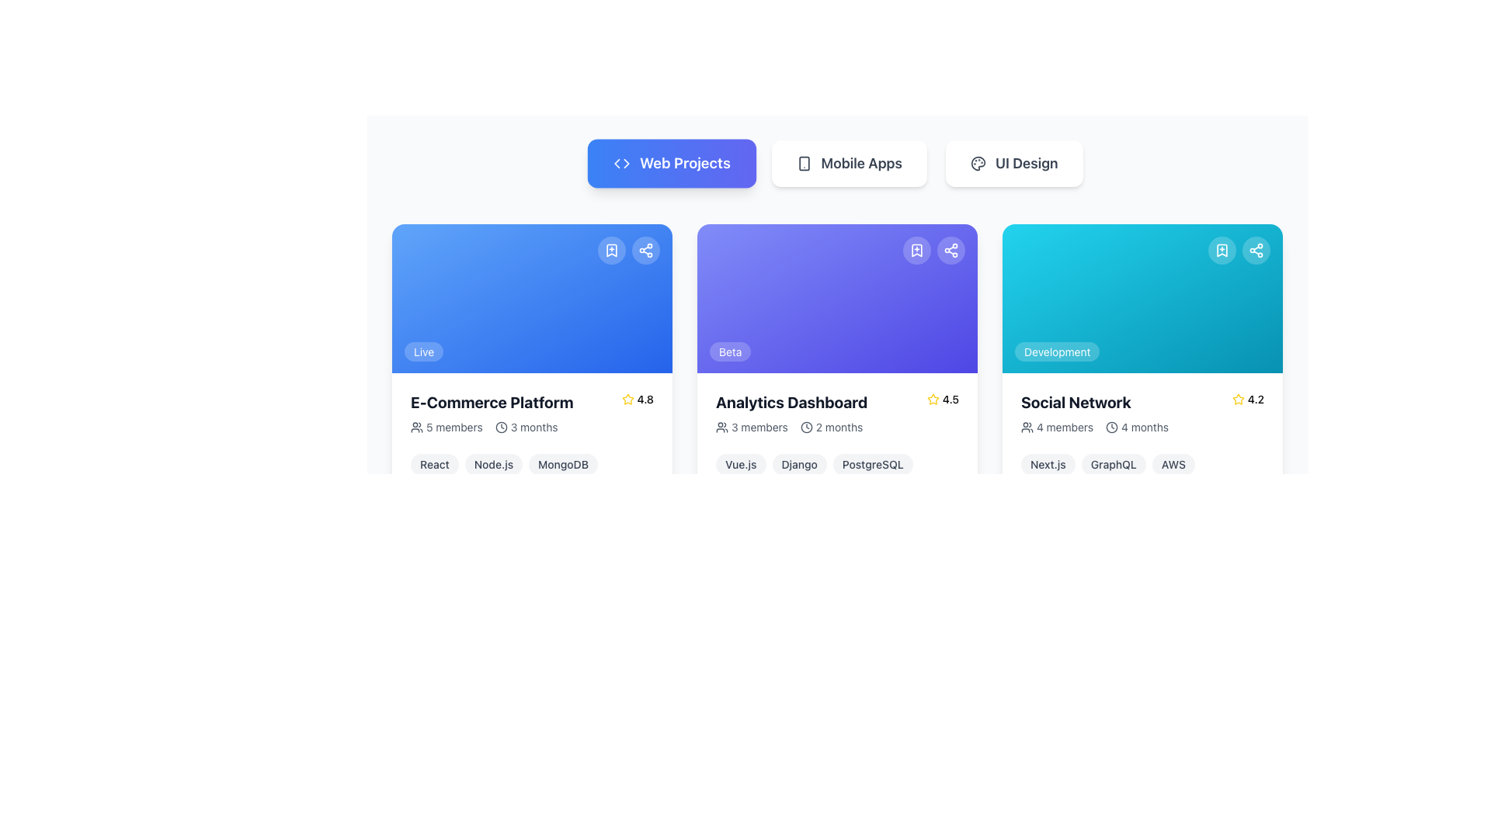 The height and width of the screenshot is (838, 1491). What do you see at coordinates (1256, 399) in the screenshot?
I see `the numerical rating text label displaying '4.2', which is located in the lower-right corner of the 'Social Network' card and is adjacent to a star icon` at bounding box center [1256, 399].